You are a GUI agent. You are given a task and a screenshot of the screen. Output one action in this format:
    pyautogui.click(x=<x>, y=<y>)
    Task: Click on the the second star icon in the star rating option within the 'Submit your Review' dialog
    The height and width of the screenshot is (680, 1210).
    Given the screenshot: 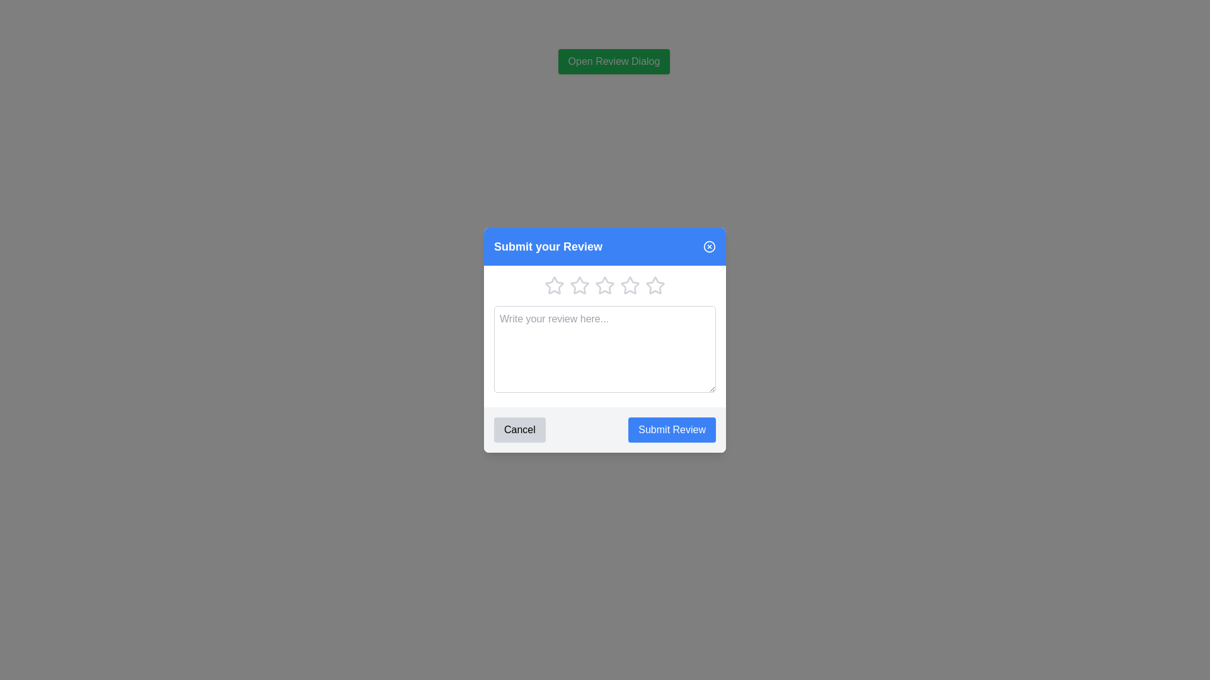 What is the action you would take?
    pyautogui.click(x=579, y=285)
    